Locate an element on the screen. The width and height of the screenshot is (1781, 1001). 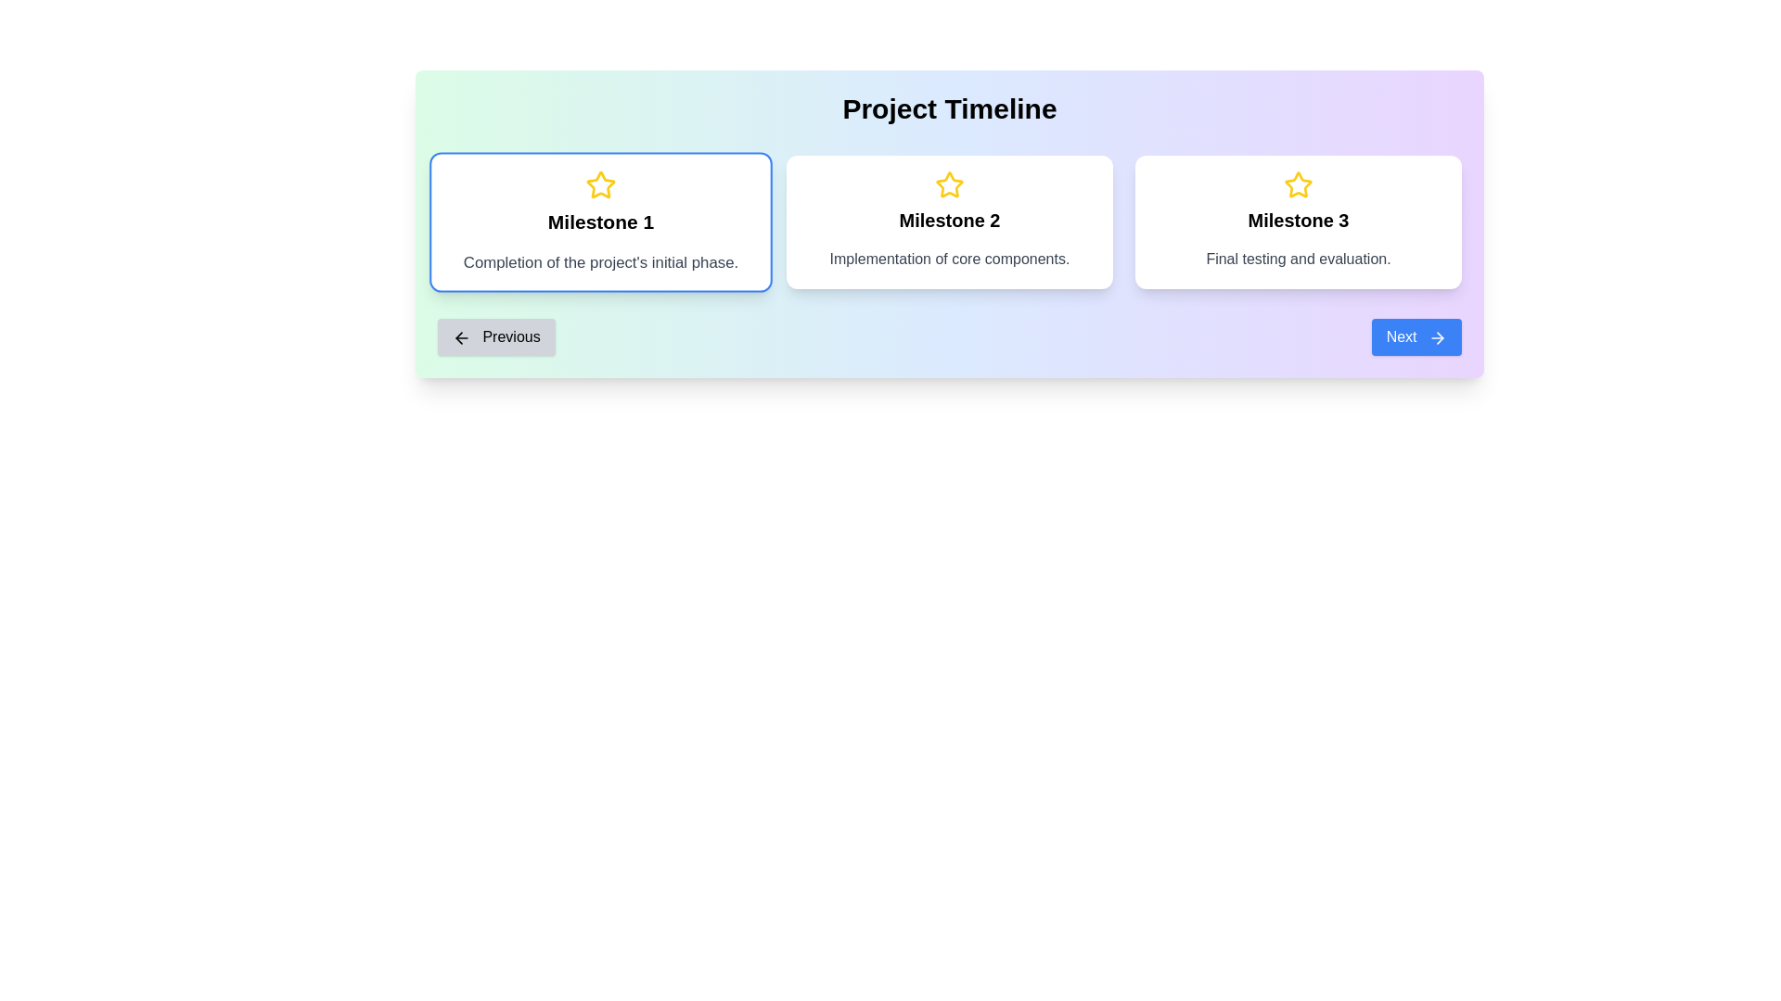
the visual indicator icon located at the top center of the 'Milestone 3' card to confirm its completion and importance is located at coordinates (1298, 185).